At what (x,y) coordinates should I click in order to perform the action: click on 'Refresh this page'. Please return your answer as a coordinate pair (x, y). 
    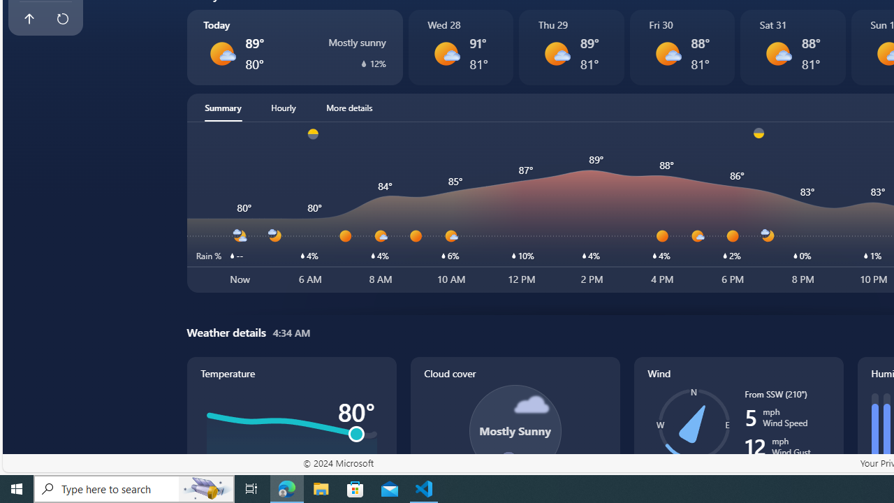
    Looking at the image, I should click on (61, 19).